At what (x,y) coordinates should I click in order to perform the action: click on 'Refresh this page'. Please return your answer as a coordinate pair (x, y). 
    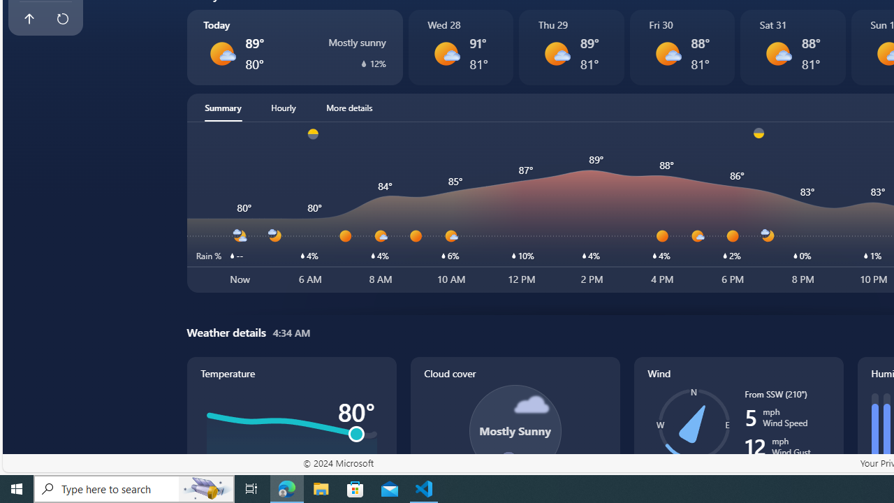
    Looking at the image, I should click on (61, 19).